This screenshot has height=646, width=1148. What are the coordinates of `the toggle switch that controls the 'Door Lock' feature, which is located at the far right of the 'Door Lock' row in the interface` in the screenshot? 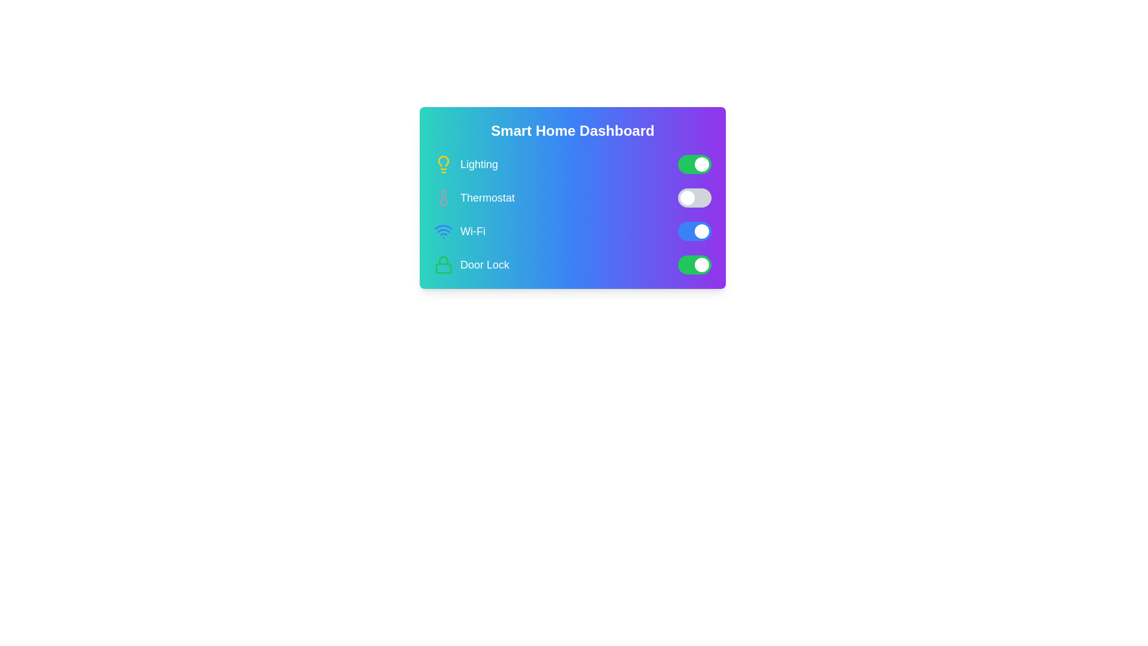 It's located at (694, 264).